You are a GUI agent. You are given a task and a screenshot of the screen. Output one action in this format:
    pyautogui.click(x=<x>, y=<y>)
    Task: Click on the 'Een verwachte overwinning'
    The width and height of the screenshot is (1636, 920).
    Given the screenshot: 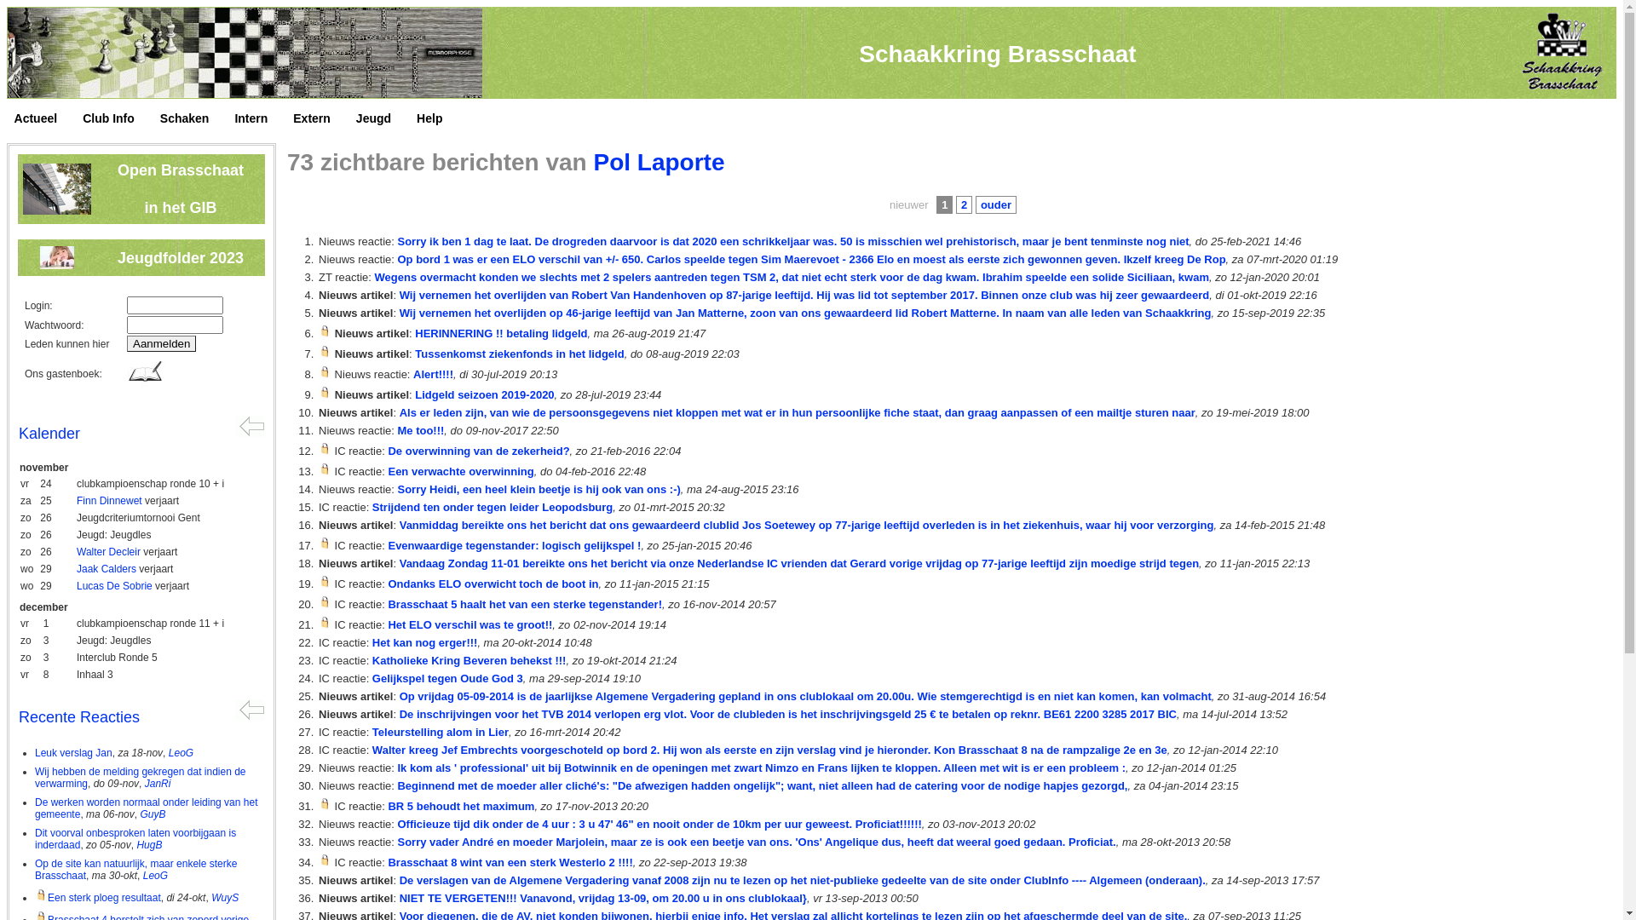 What is the action you would take?
    pyautogui.click(x=460, y=471)
    